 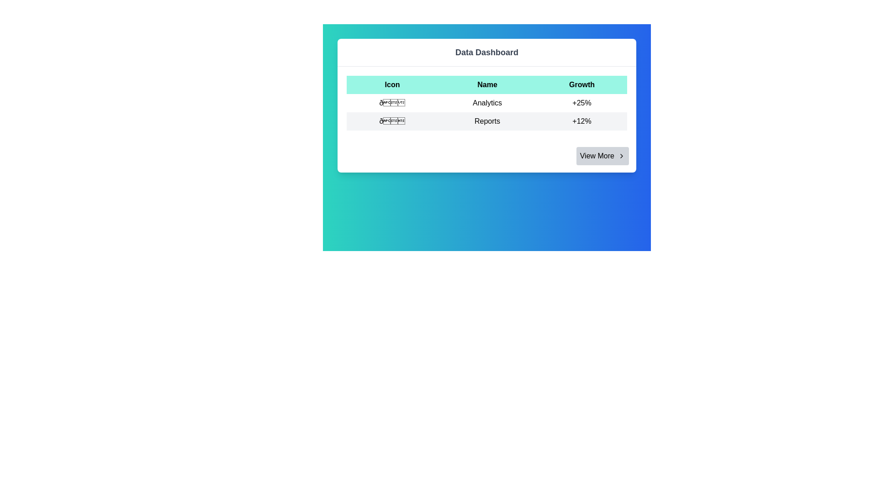 I want to click on the emoji-like graphical symbol, so click(x=392, y=121).